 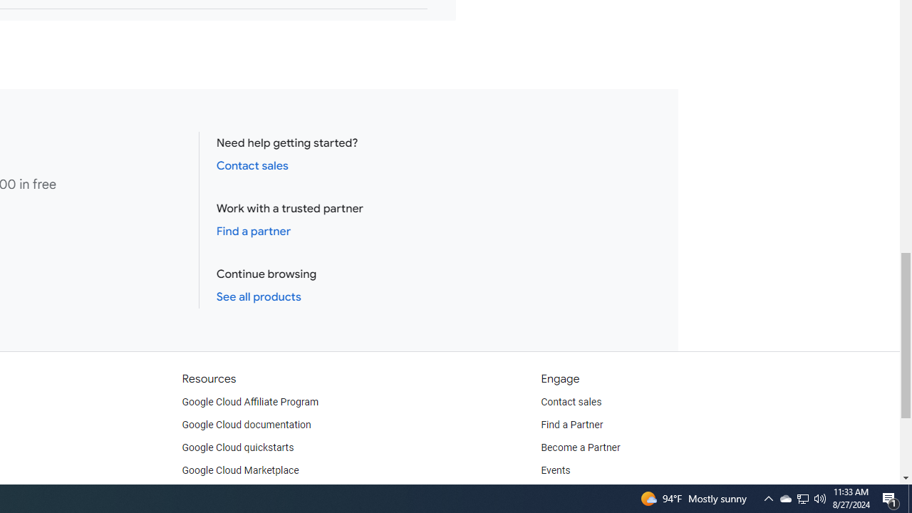 What do you see at coordinates (246, 424) in the screenshot?
I see `'Google Cloud documentation'` at bounding box center [246, 424].